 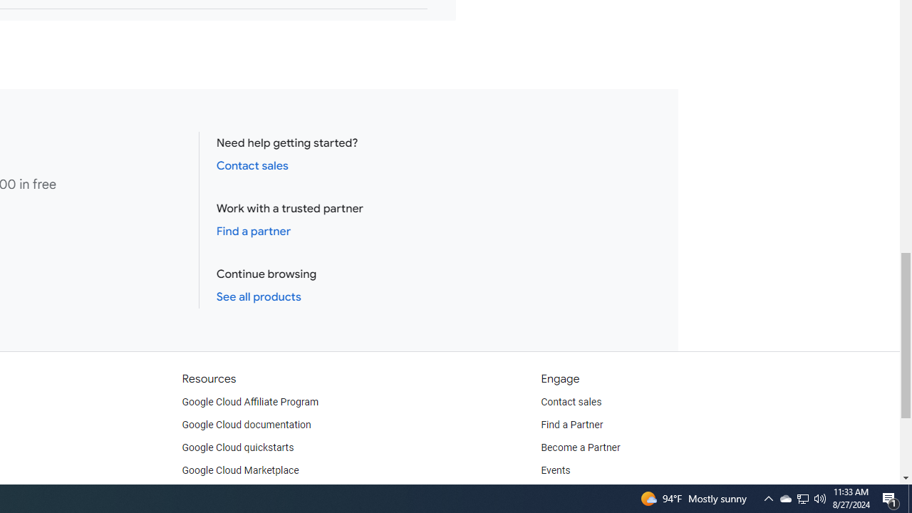 What do you see at coordinates (246, 424) in the screenshot?
I see `'Google Cloud documentation'` at bounding box center [246, 424].